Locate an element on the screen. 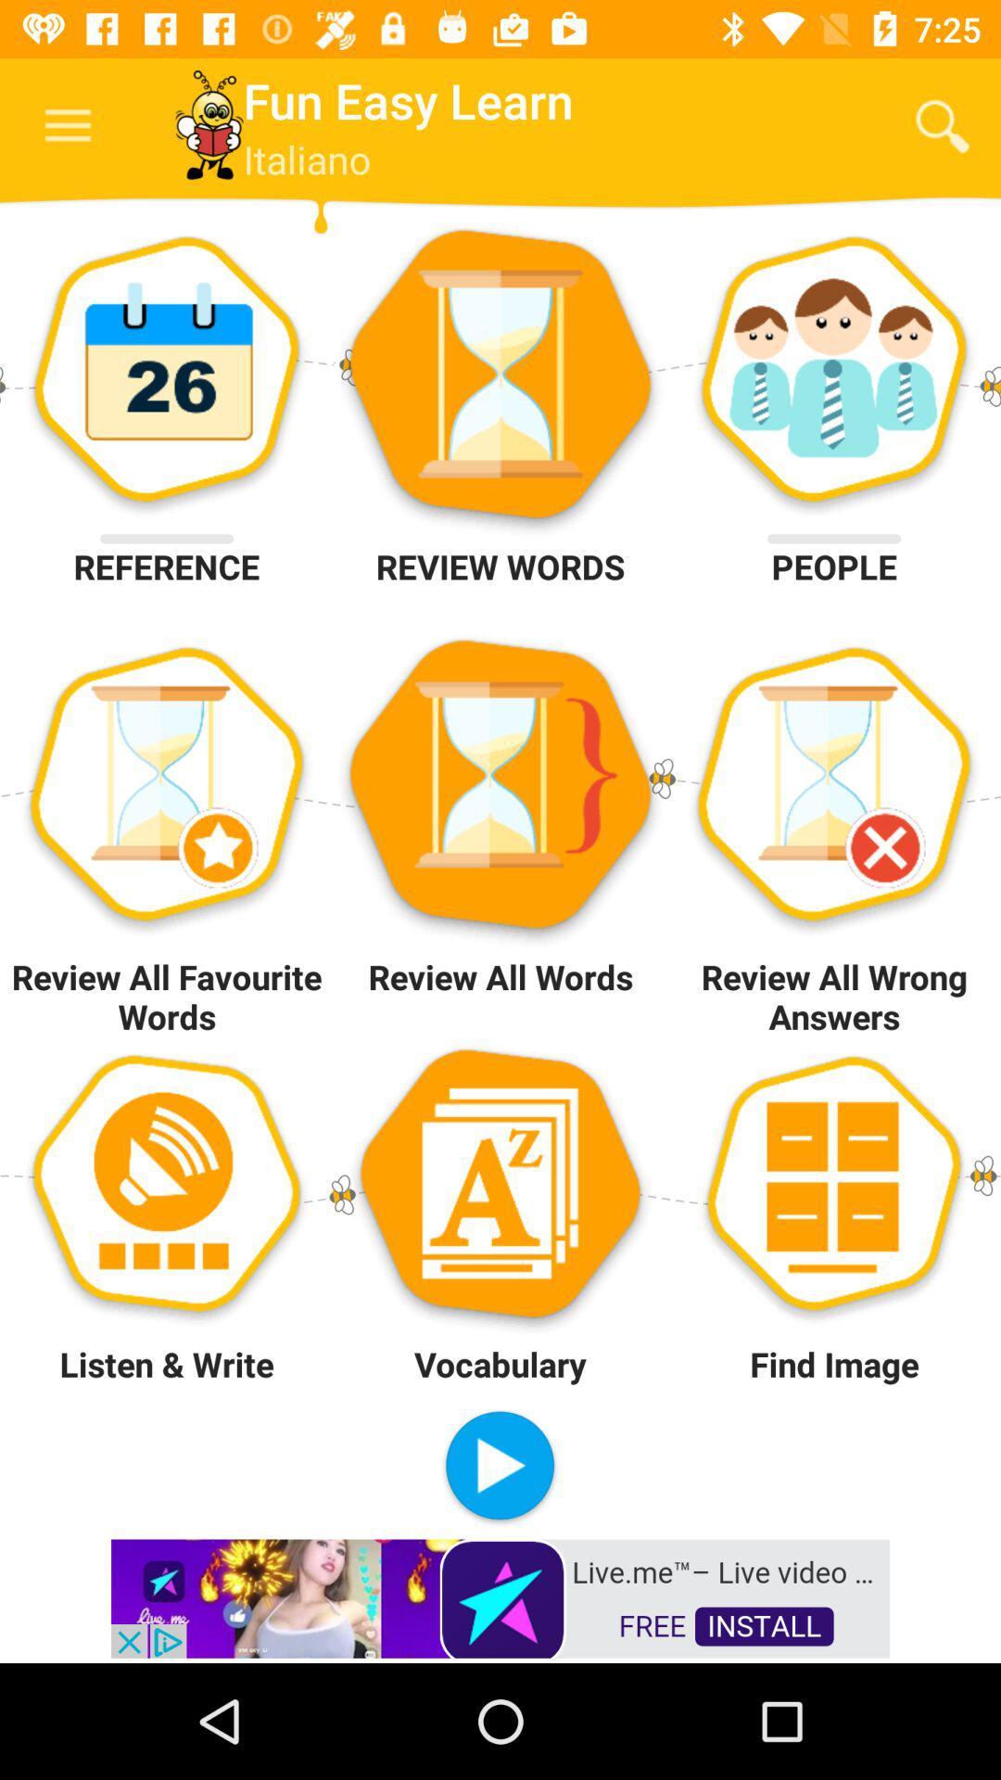 The image size is (1001, 1780). open advertisement is located at coordinates (500, 1596).